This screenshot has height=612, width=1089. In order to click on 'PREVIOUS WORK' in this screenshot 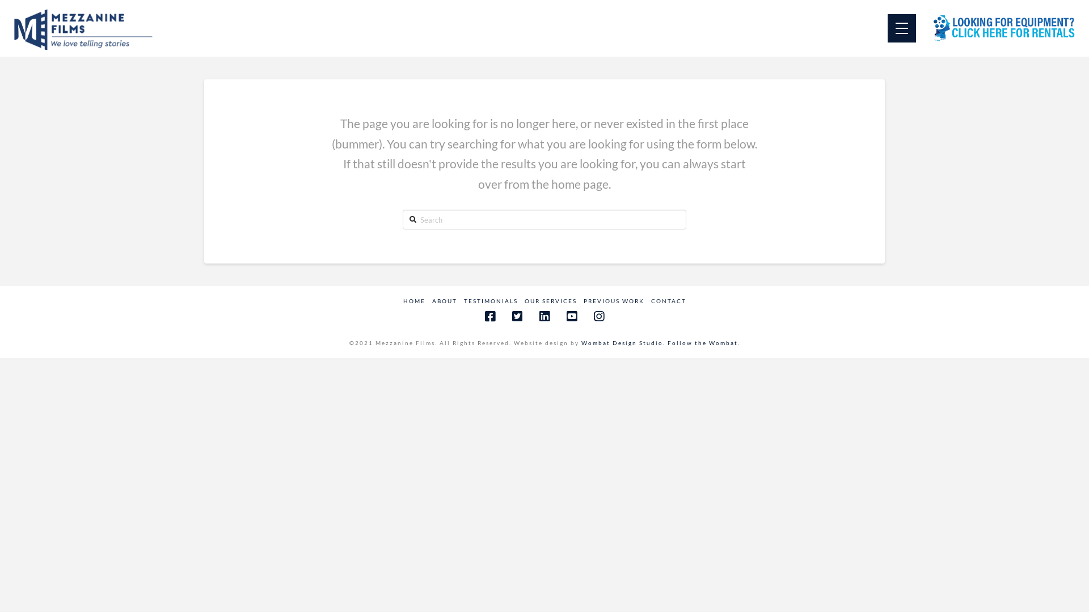, I will do `click(613, 300)`.